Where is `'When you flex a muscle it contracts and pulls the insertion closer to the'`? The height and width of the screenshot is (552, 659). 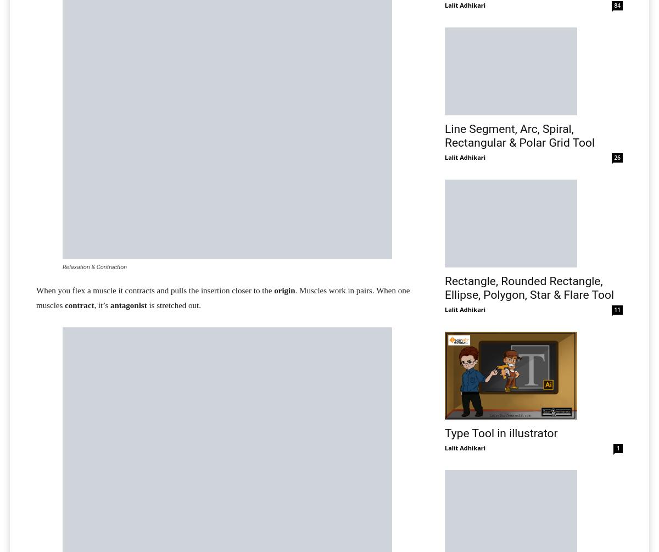 'When you flex a muscle it contracts and pulls the insertion closer to the' is located at coordinates (36, 290).